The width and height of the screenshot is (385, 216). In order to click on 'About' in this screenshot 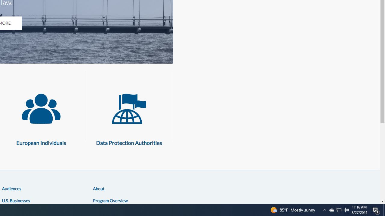, I will do `click(99, 188)`.